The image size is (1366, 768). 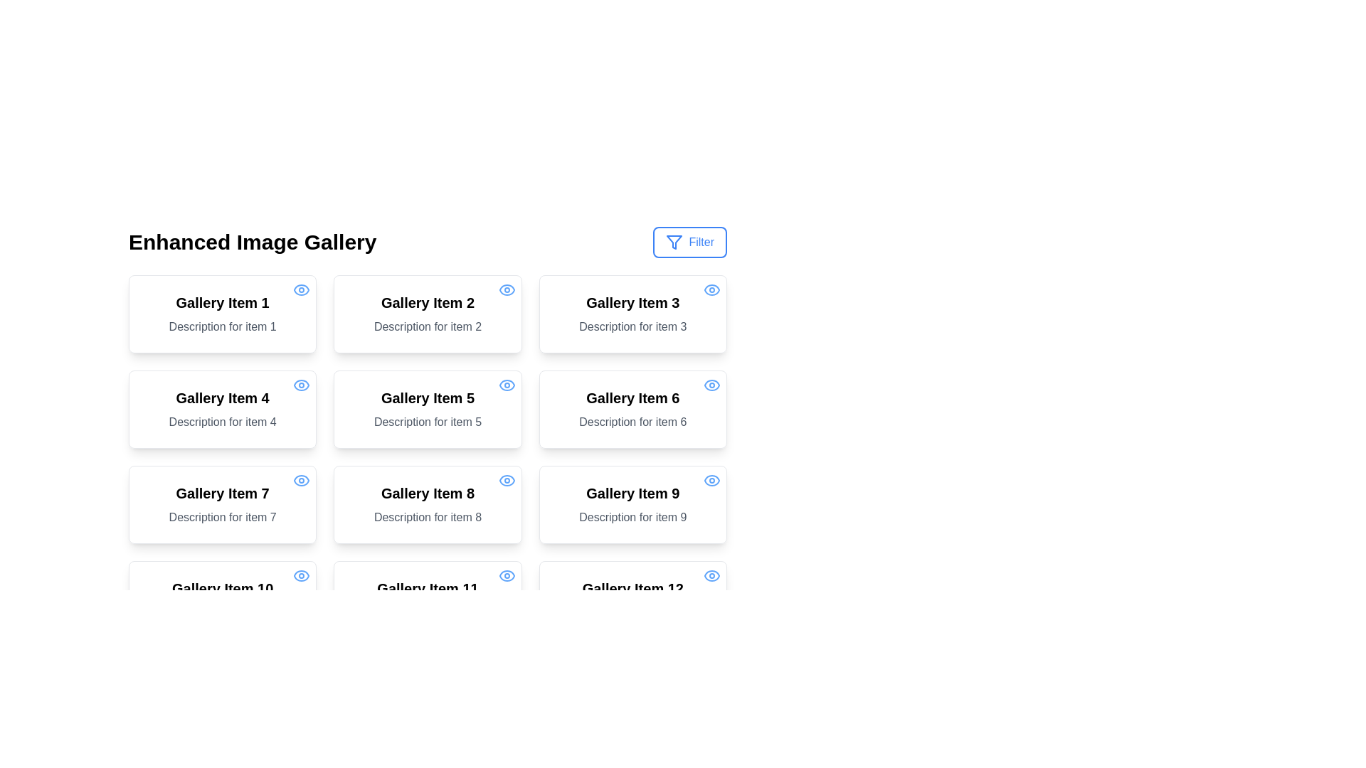 What do you see at coordinates (427, 422) in the screenshot?
I see `the descriptive text label providing additional information about 'Gallery Item 5', located beneath the title within the bordered card in the second row, second column of the grid layout` at bounding box center [427, 422].